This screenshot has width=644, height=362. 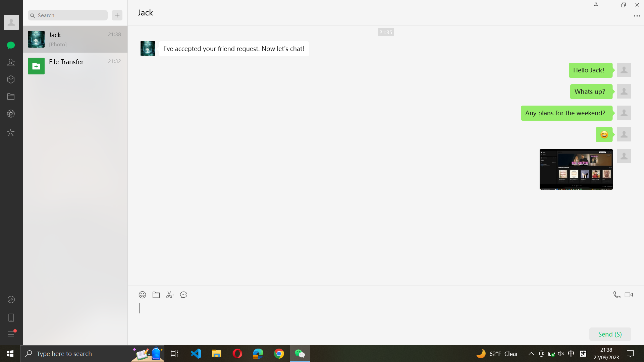 What do you see at coordinates (386, 156) in the screenshot?
I see `Navigate upwards in your conversation with Jack` at bounding box center [386, 156].